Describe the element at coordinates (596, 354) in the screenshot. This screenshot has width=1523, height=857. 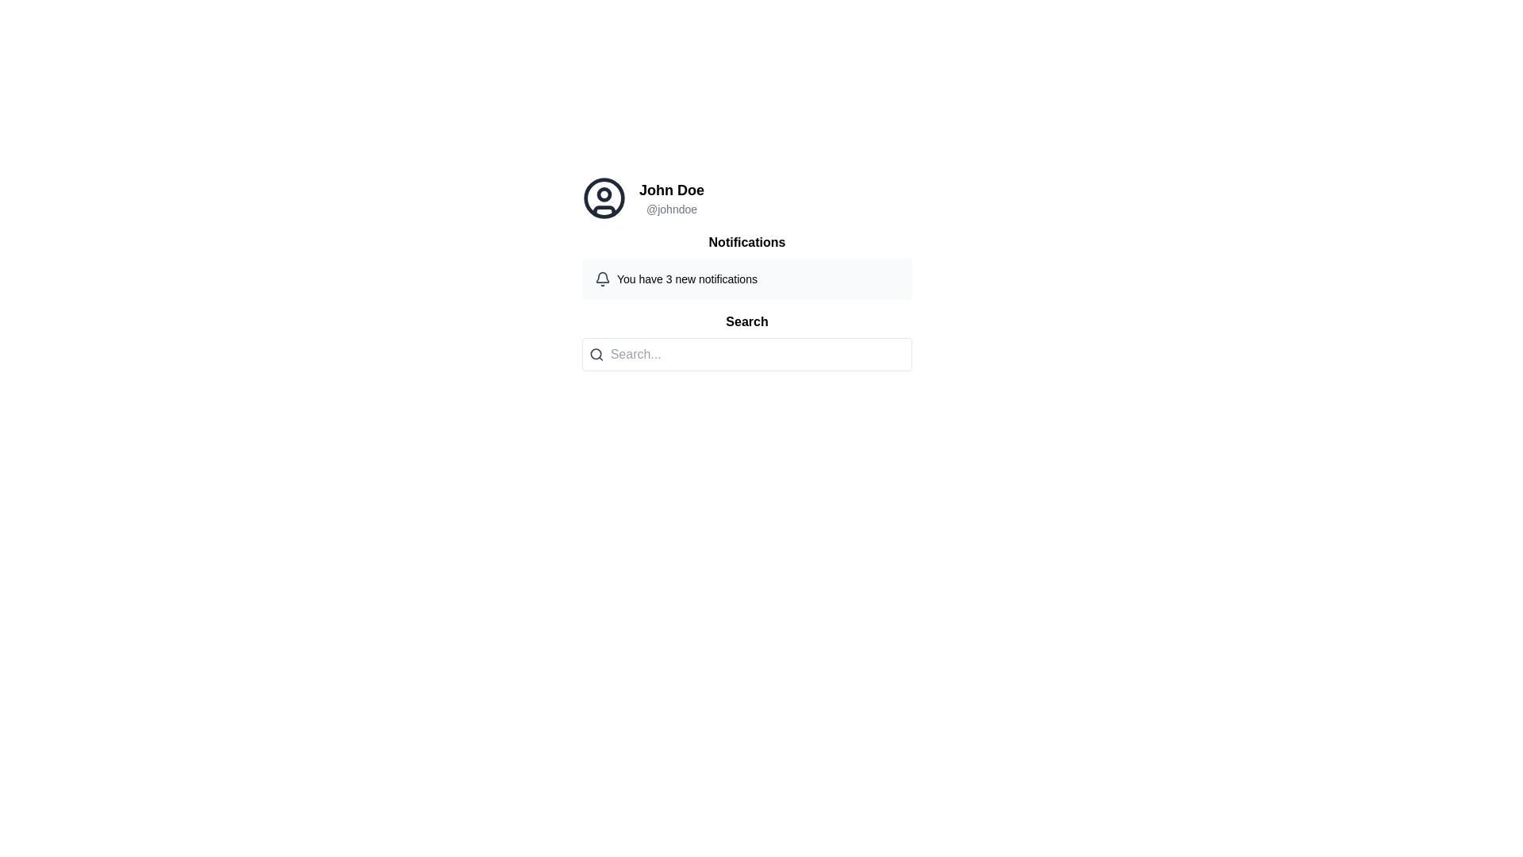
I see `the search icon located to the far left of the bordered text input area, which precedes the 'Search...' placeholder text field` at that location.